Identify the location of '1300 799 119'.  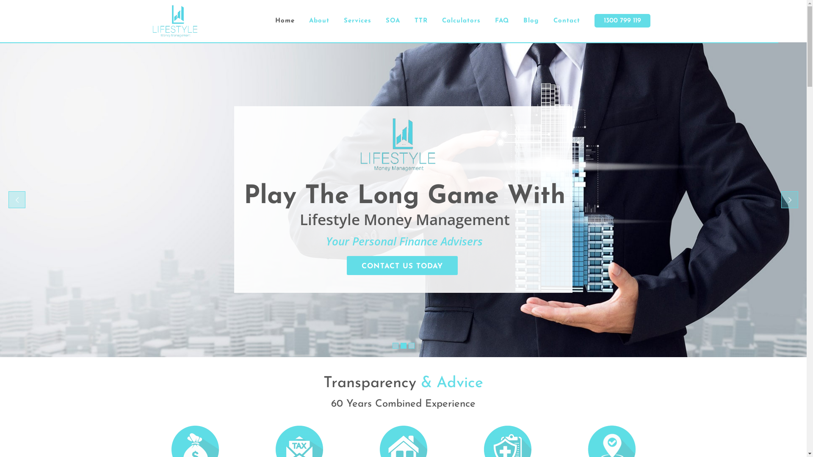
(622, 21).